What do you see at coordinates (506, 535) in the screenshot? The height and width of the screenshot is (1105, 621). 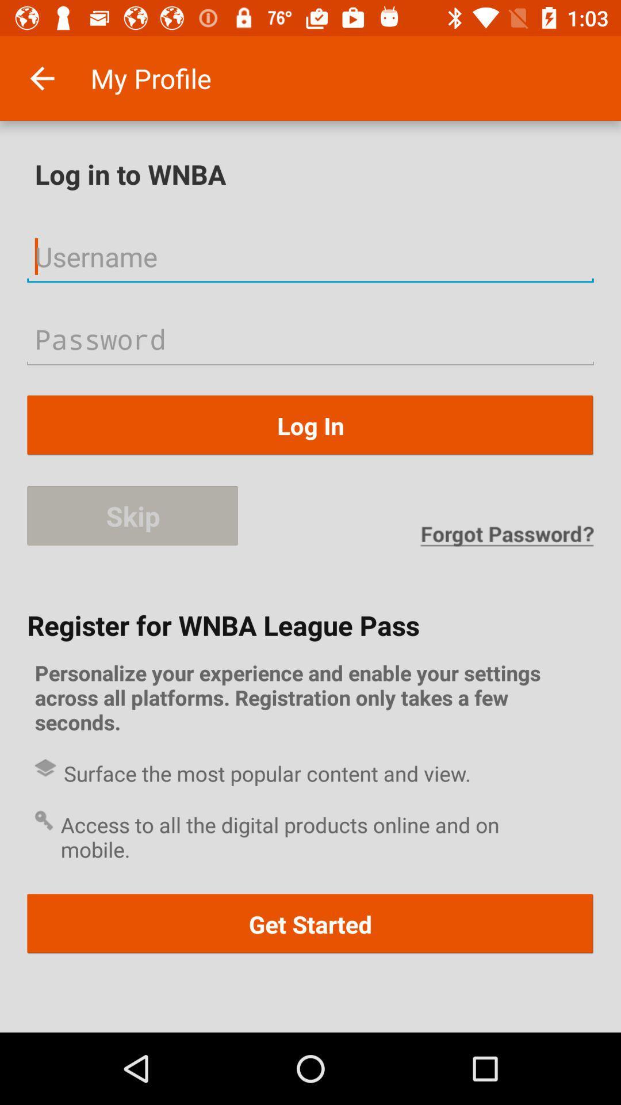 I see `the icon on the right` at bounding box center [506, 535].